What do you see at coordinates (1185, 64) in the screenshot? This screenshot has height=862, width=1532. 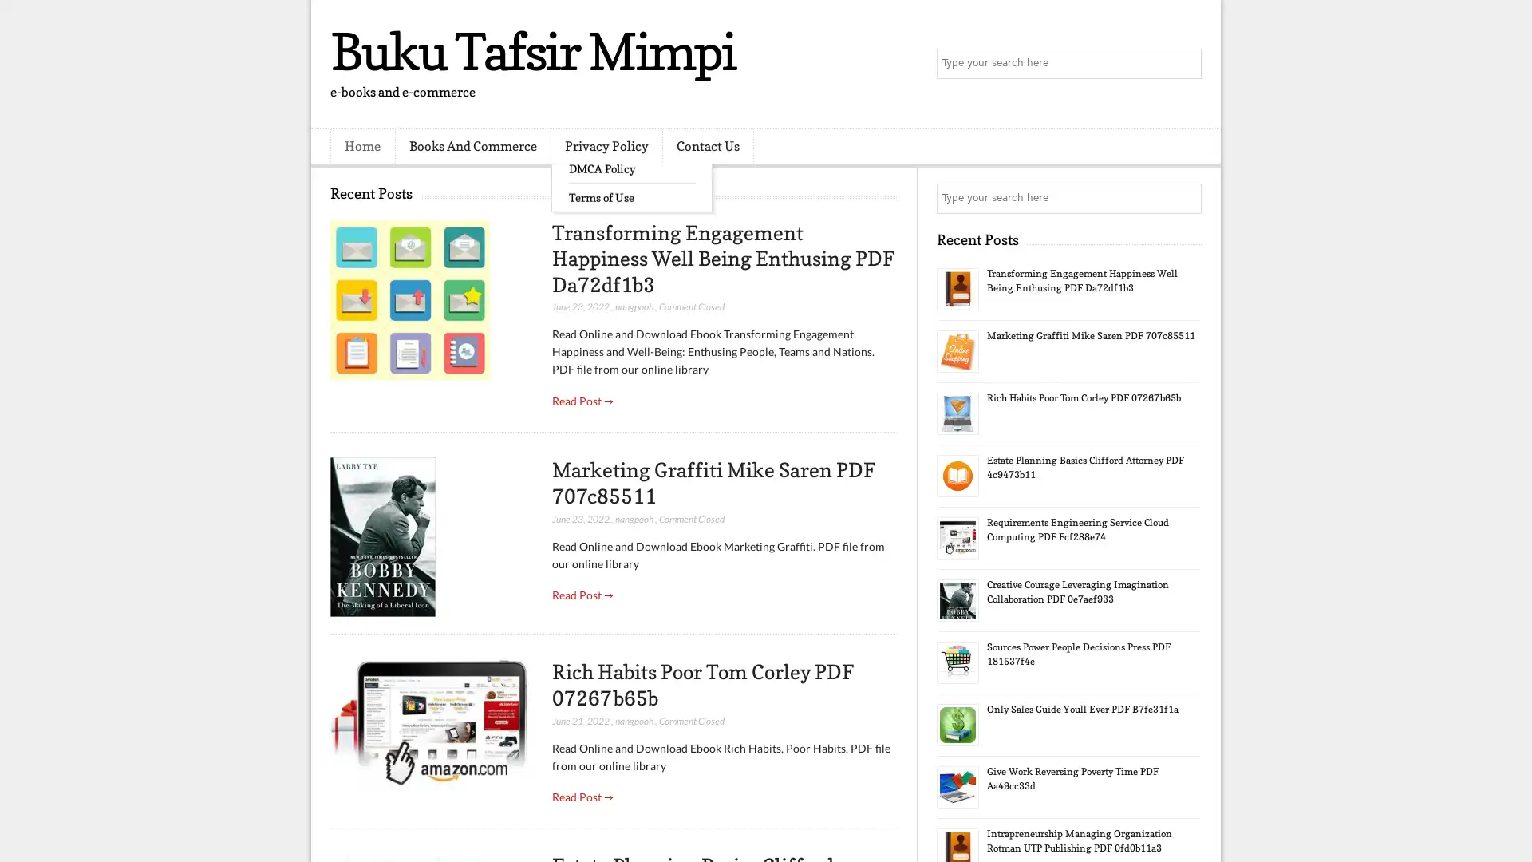 I see `Search` at bounding box center [1185, 64].